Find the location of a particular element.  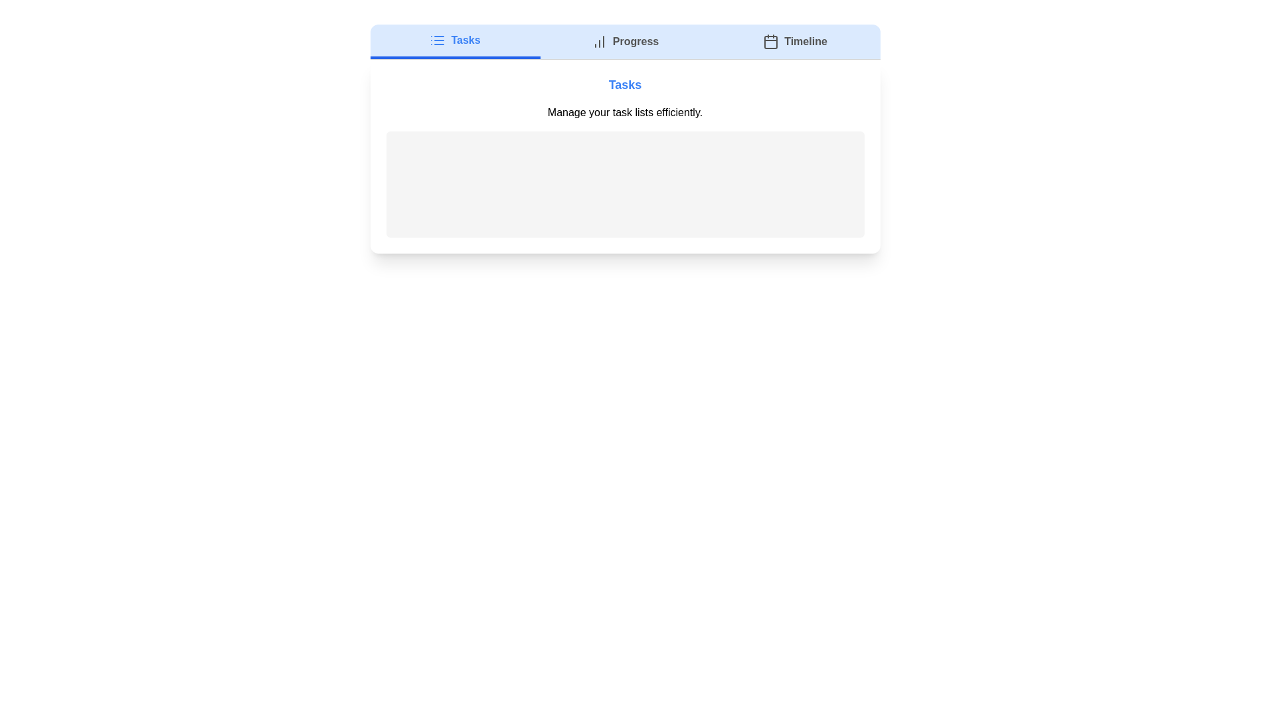

the 'Tasks' tab icon located in the tabbed navigation bar at the top of the interface, positioned to the left of the text 'Tasks' is located at coordinates (438, 40).